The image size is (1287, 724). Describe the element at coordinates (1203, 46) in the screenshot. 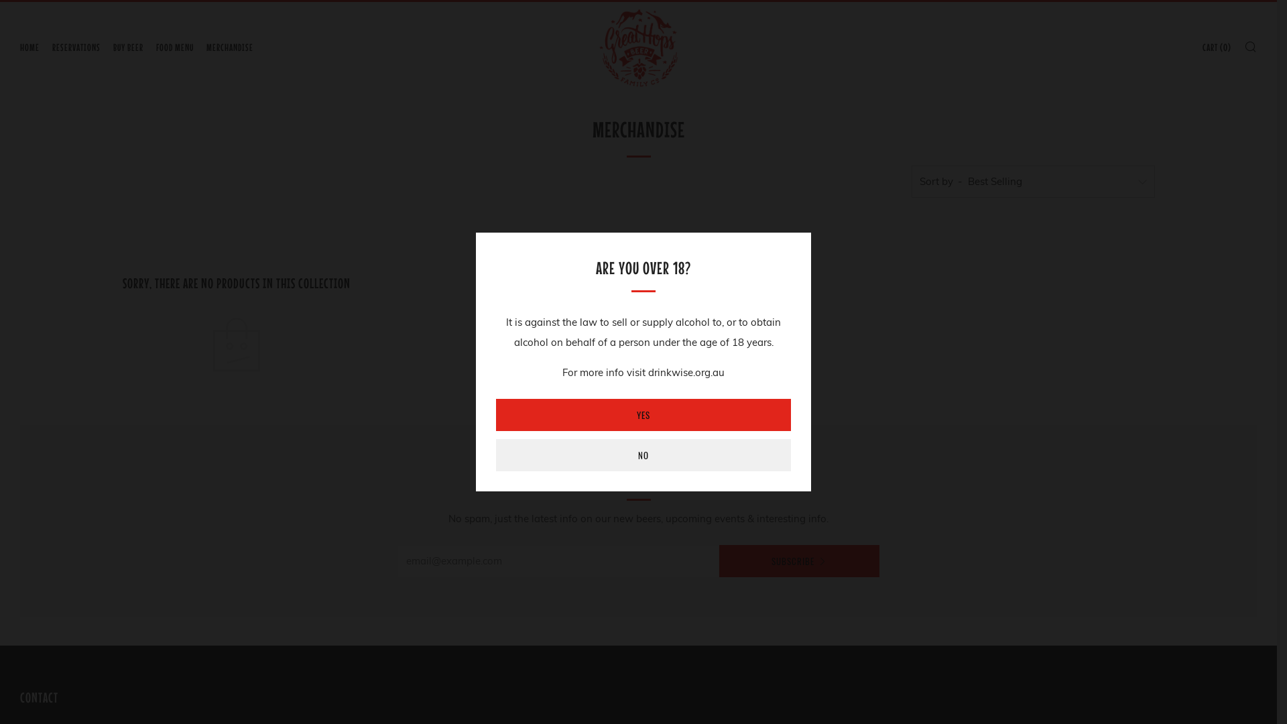

I see `'CART (0)'` at that location.